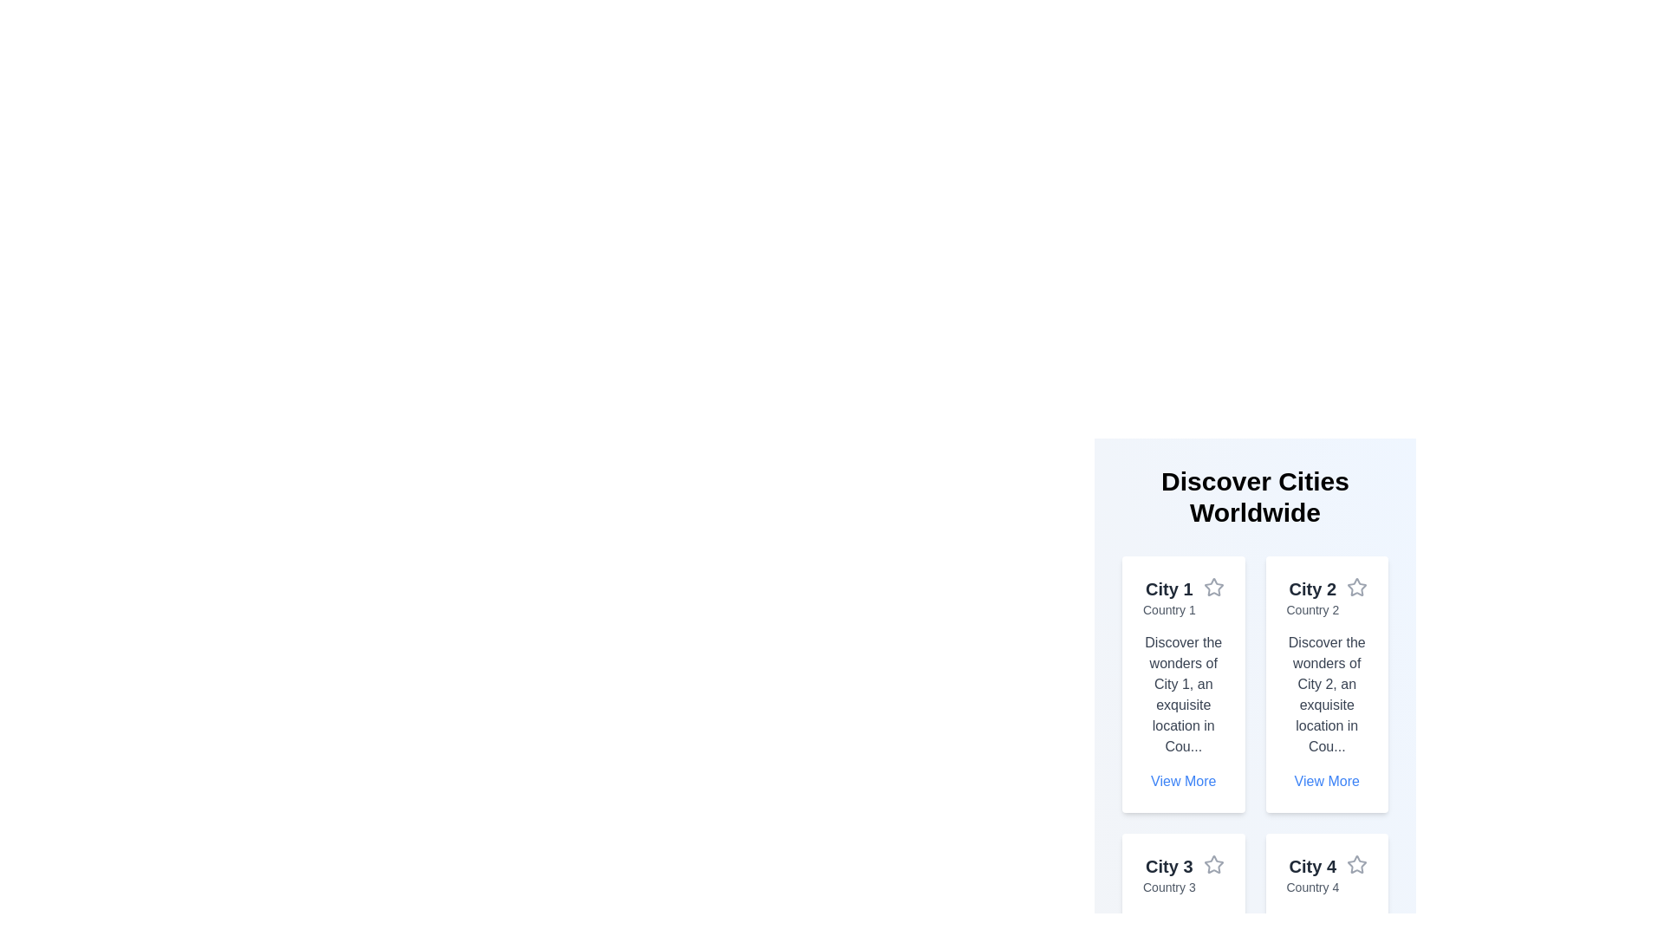 This screenshot has height=936, width=1664. I want to click on the Star Icon next to the 'City 2' header to possibly see a tooltip, so click(1355, 587).